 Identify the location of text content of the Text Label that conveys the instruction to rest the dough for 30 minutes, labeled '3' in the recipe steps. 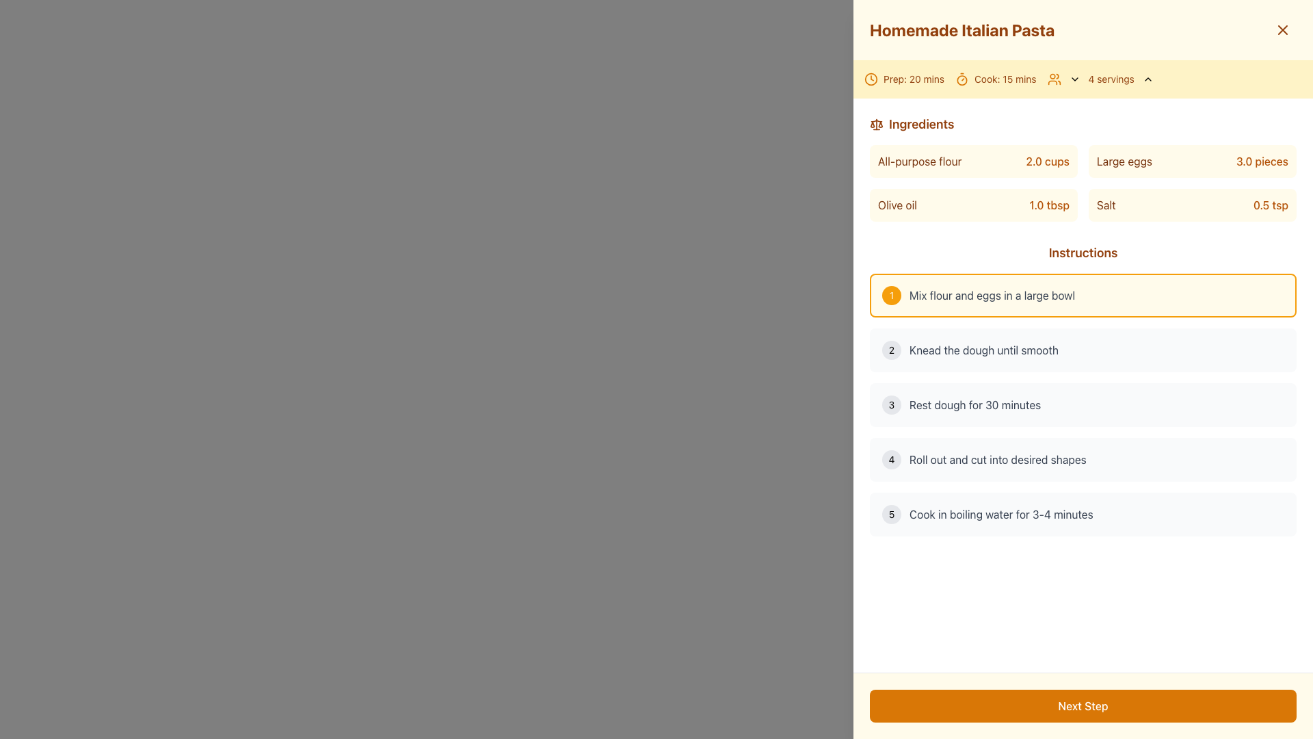
(974, 404).